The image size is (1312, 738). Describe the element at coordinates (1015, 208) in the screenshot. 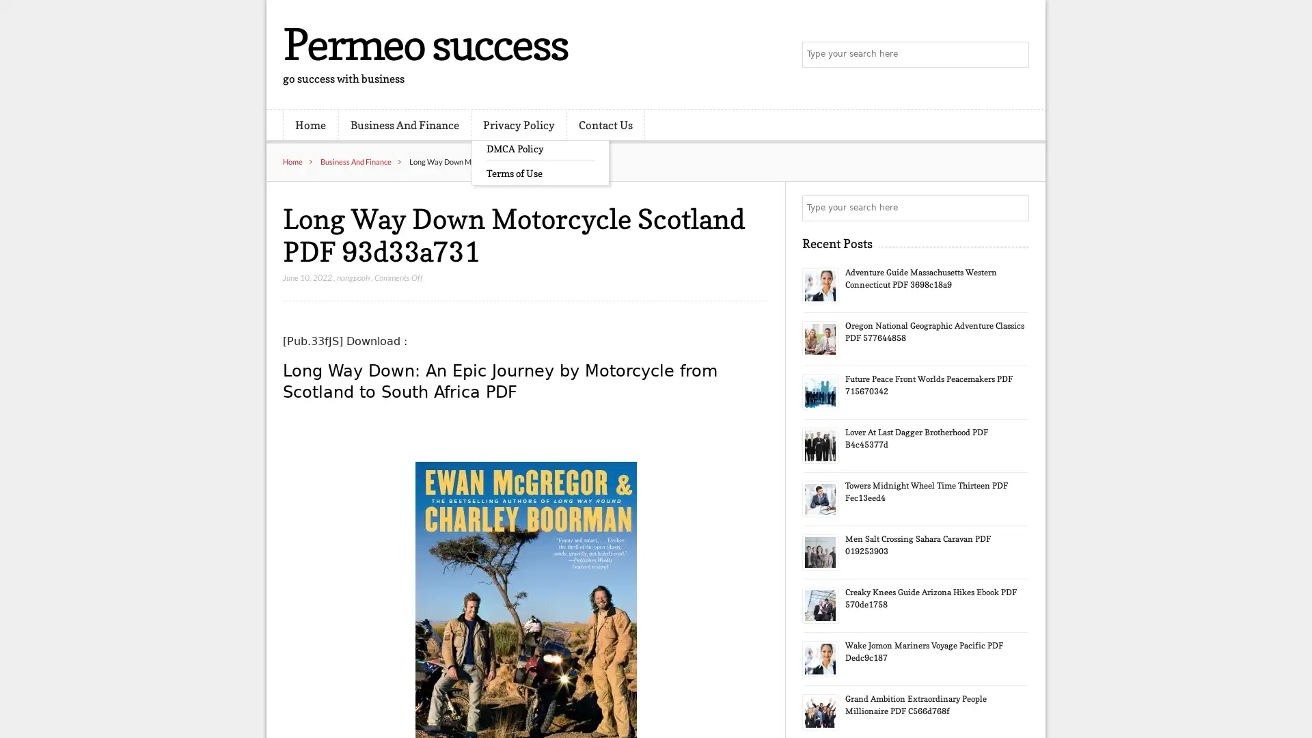

I see `Search` at that location.